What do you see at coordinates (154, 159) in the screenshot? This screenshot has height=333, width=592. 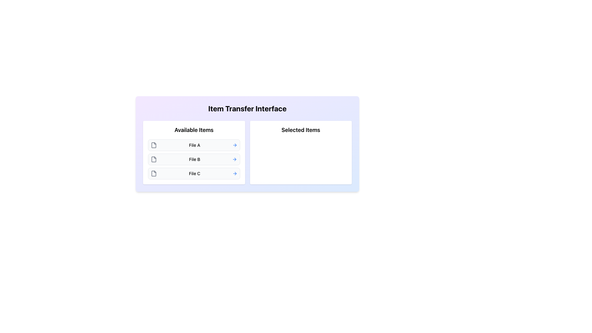 I see `the icon representing 'File B'` at bounding box center [154, 159].